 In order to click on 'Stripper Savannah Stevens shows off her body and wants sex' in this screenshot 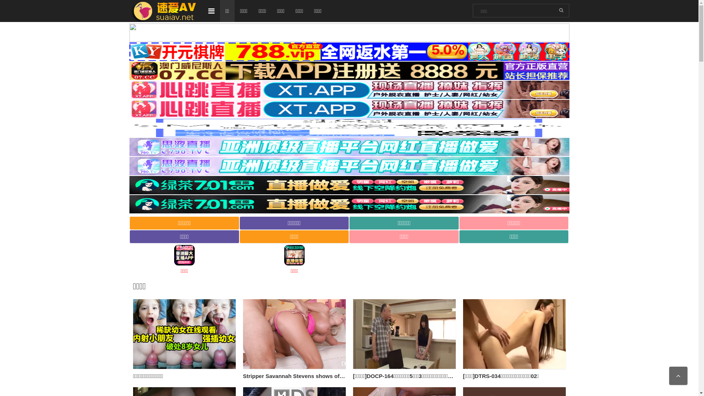, I will do `click(294, 334)`.